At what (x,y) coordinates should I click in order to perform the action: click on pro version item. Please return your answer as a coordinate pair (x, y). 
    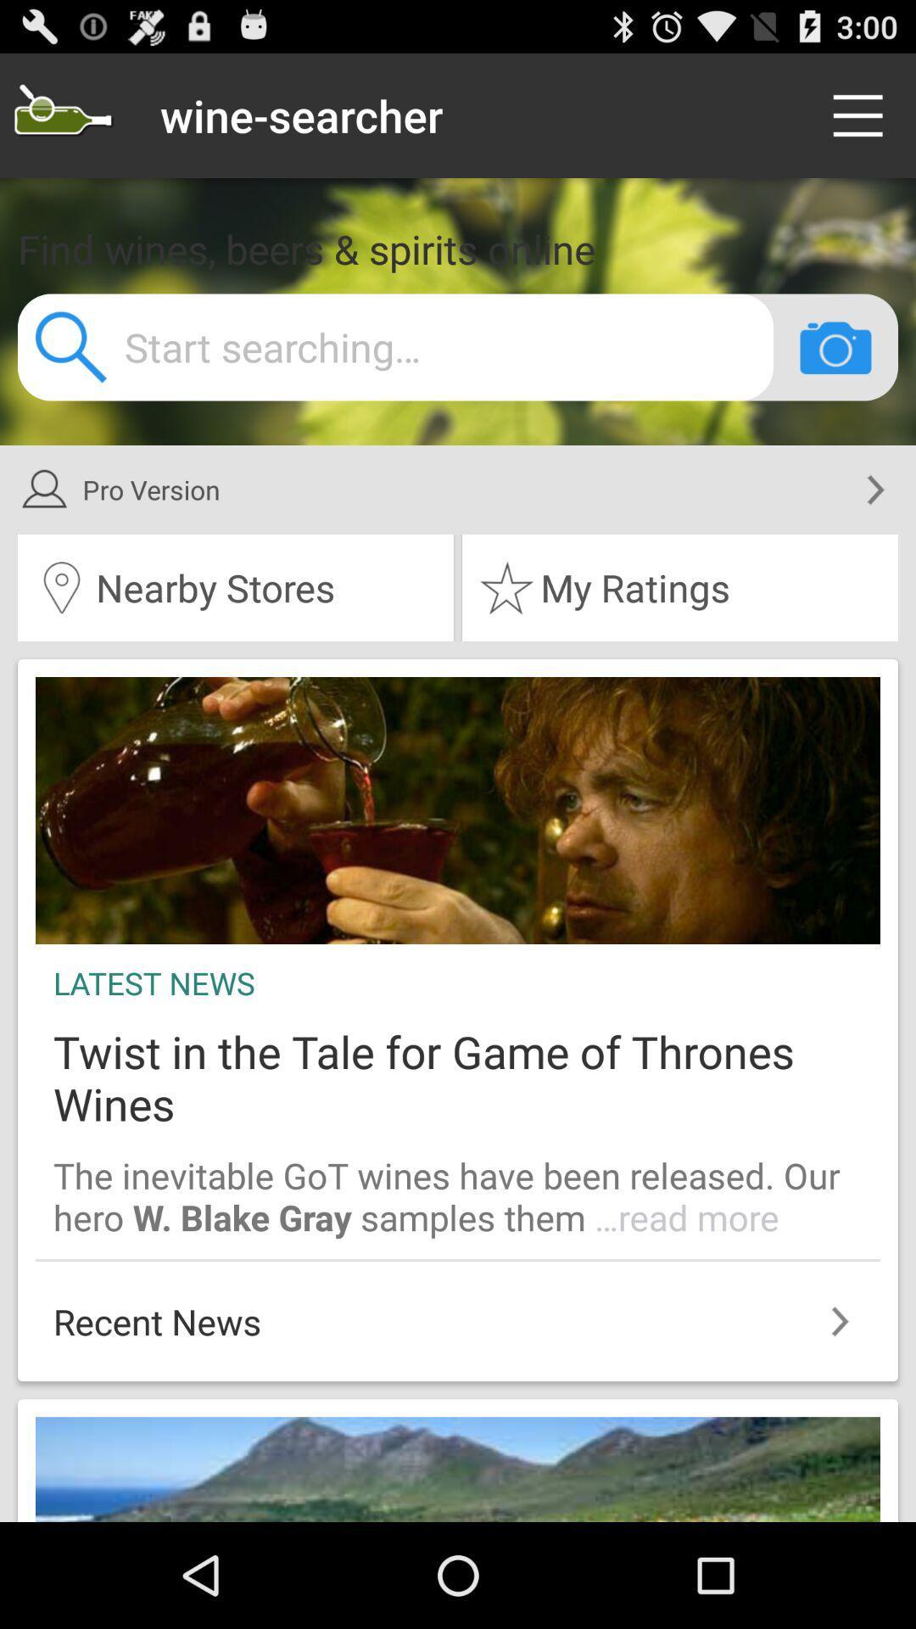
    Looking at the image, I should click on (434, 489).